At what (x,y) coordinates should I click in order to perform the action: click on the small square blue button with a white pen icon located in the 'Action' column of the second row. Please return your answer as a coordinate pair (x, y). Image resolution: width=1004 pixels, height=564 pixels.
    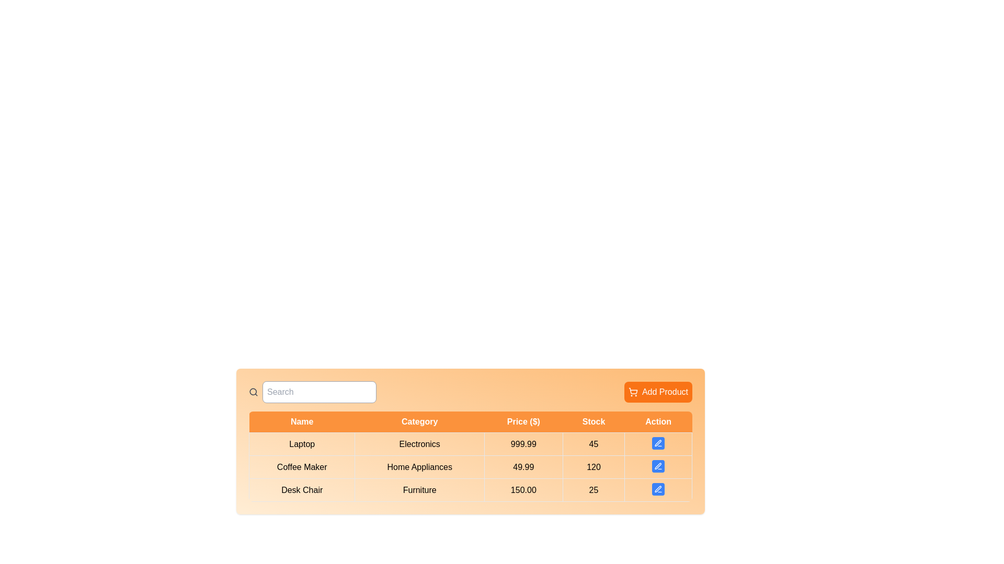
    Looking at the image, I should click on (658, 466).